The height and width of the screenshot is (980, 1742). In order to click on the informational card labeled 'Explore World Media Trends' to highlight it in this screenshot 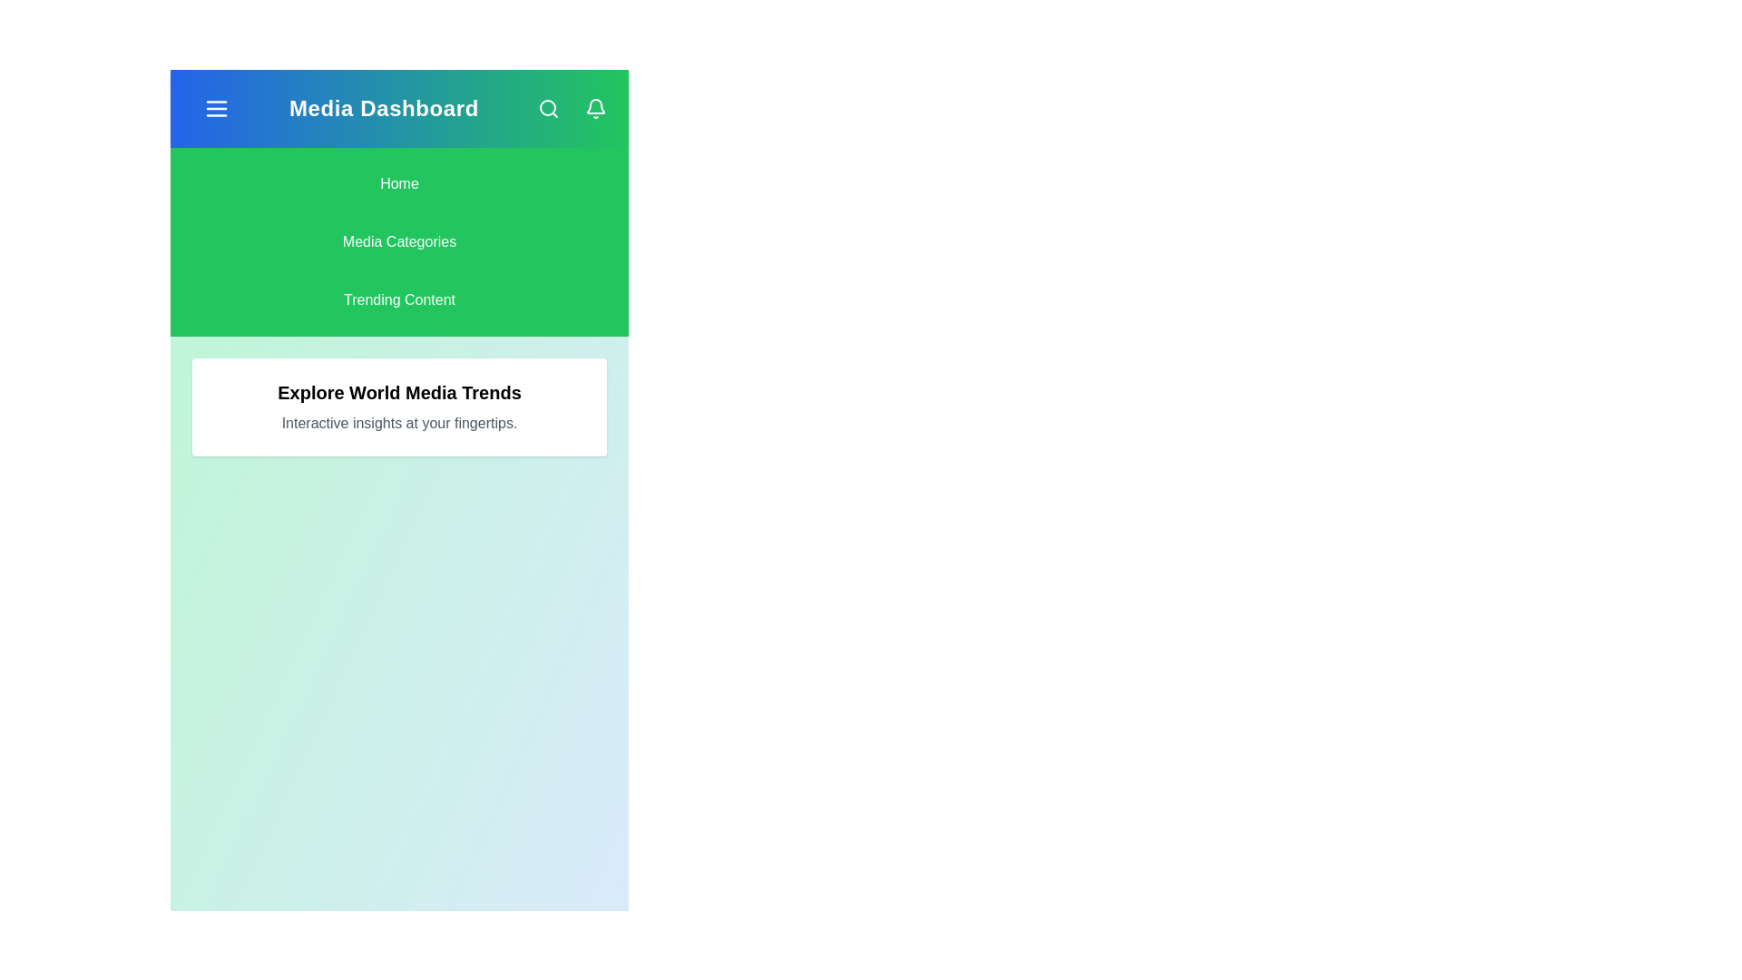, I will do `click(398, 406)`.